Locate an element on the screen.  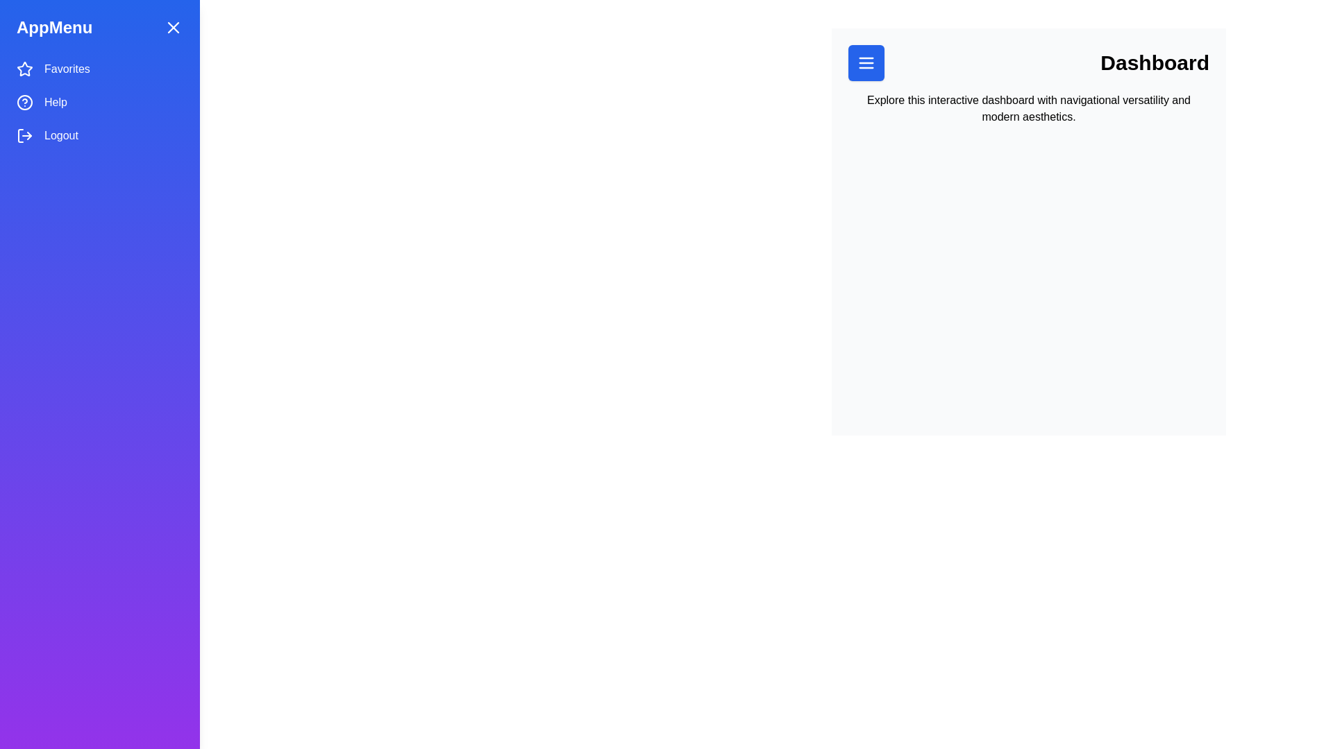
the 'Favorites' menu item located at the top of the sidebar menu, which is the first item in the vertical stack above 'Help' and 'Logout' is located at coordinates (99, 69).